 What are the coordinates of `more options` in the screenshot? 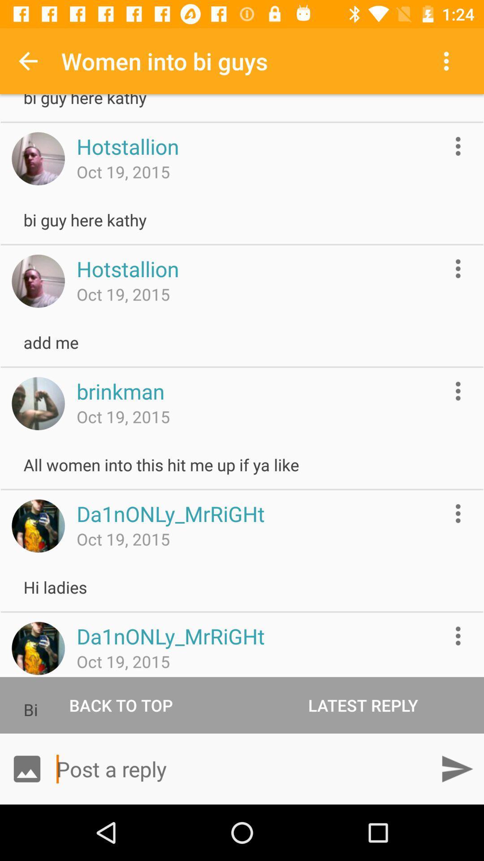 It's located at (458, 513).